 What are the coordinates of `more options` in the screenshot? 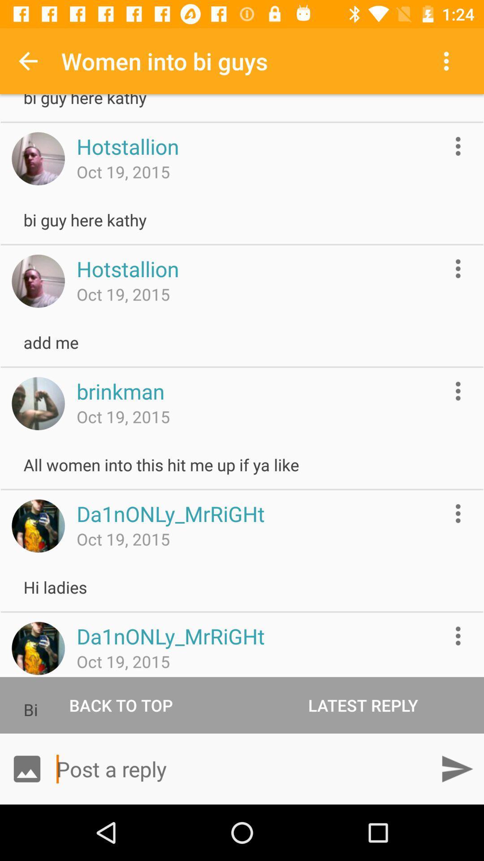 It's located at (458, 513).